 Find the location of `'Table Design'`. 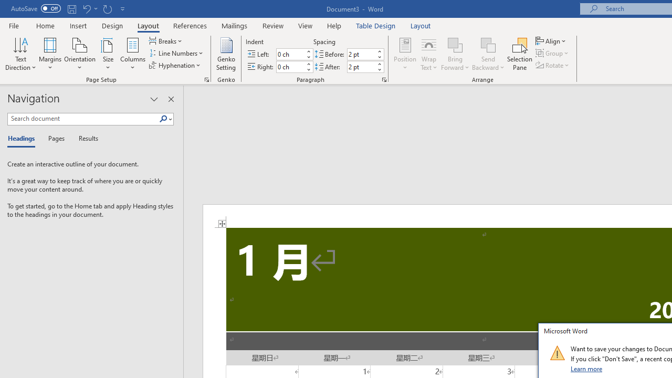

'Table Design' is located at coordinates (376, 25).